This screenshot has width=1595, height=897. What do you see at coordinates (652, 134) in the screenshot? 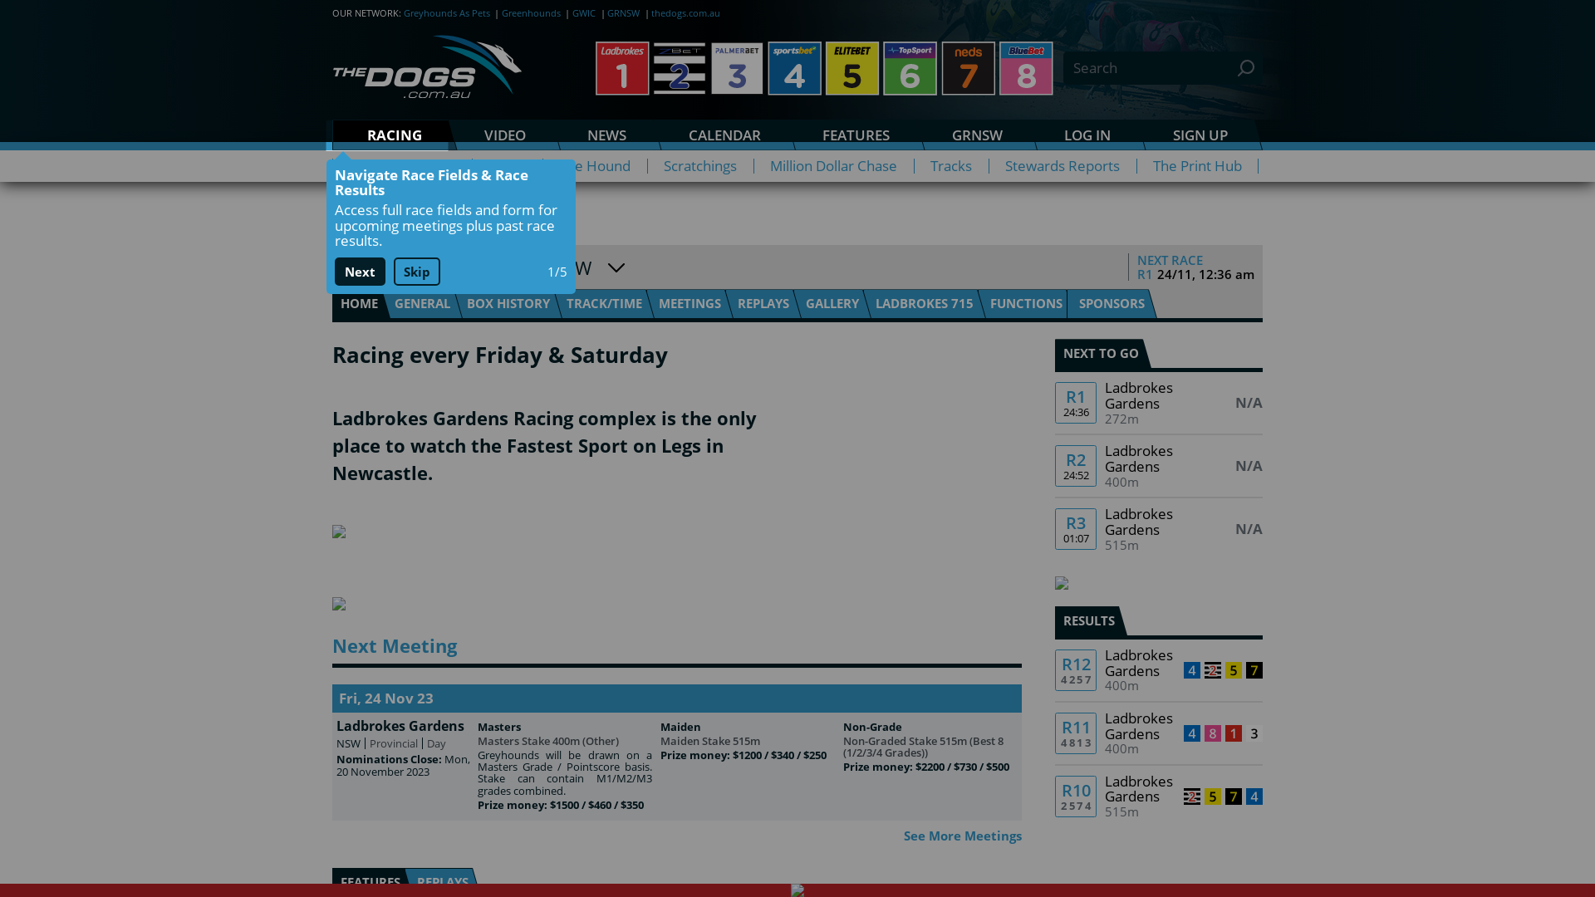
I see `'CALENDAR'` at bounding box center [652, 134].